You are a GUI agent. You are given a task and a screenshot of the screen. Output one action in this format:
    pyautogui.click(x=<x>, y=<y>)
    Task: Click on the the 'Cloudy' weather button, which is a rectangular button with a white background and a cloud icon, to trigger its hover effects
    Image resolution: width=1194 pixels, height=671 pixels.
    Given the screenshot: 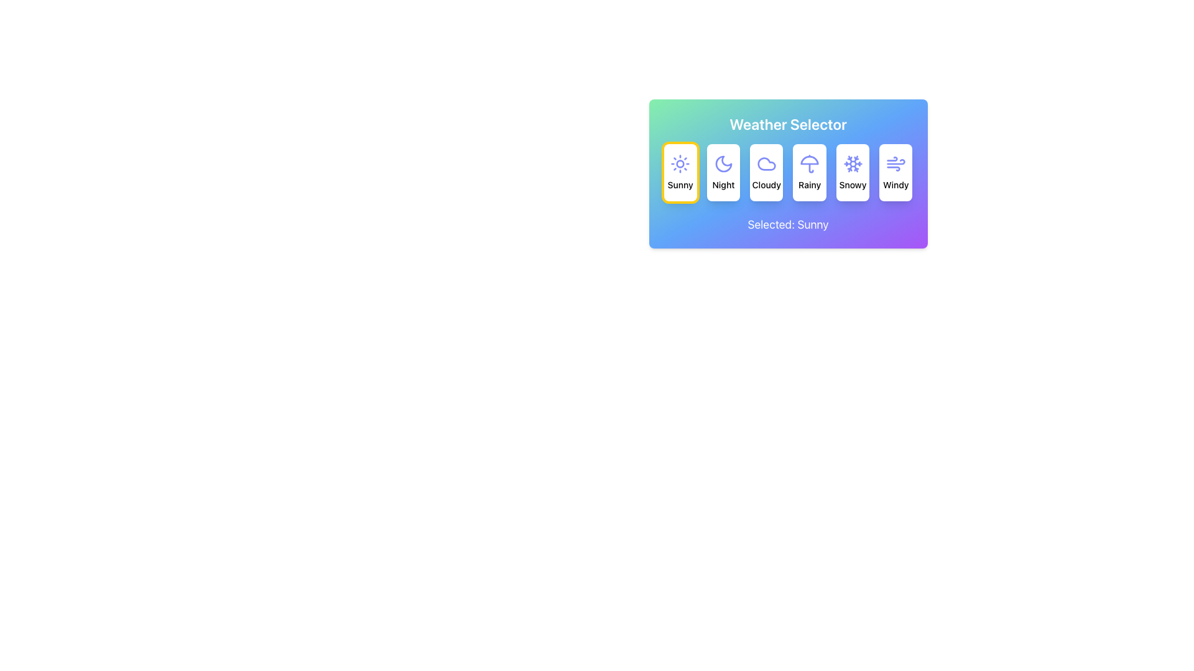 What is the action you would take?
    pyautogui.click(x=766, y=172)
    